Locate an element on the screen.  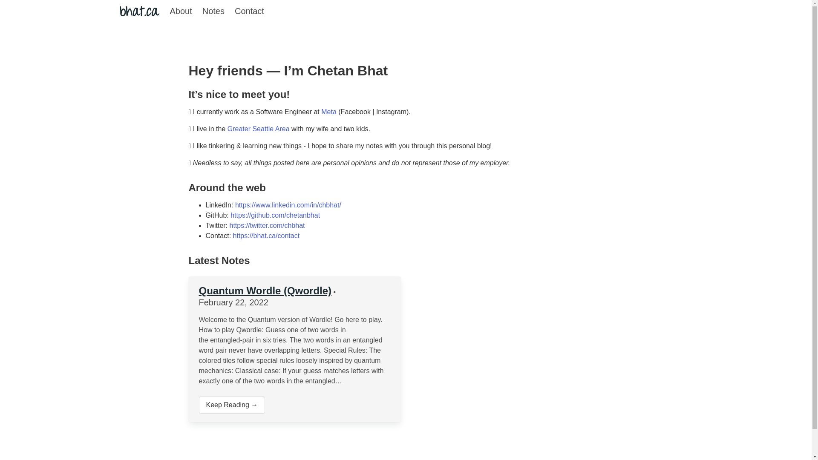
'Quantum Wordle (Qwordle)' is located at coordinates (198, 290).